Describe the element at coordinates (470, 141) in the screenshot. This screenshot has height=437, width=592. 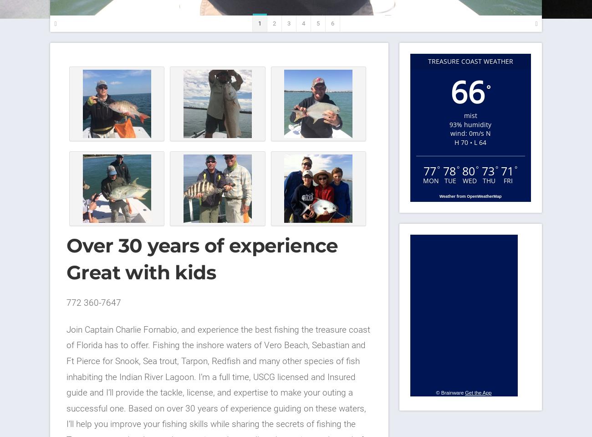
I see `'H 70 • L 64'` at that location.